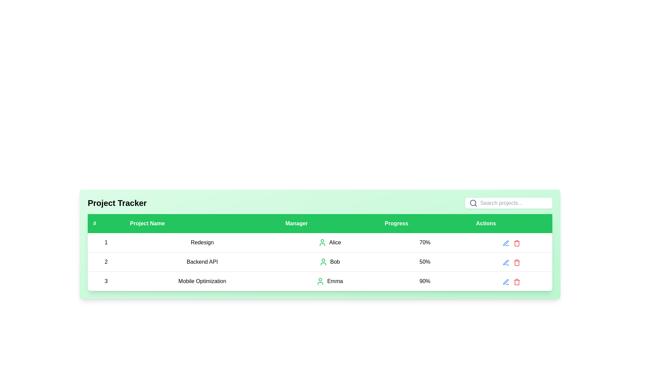  I want to click on inside the search bar located in the header section, to the far-right of the title 'Project Tracker', to focus the input field, so click(509, 203).